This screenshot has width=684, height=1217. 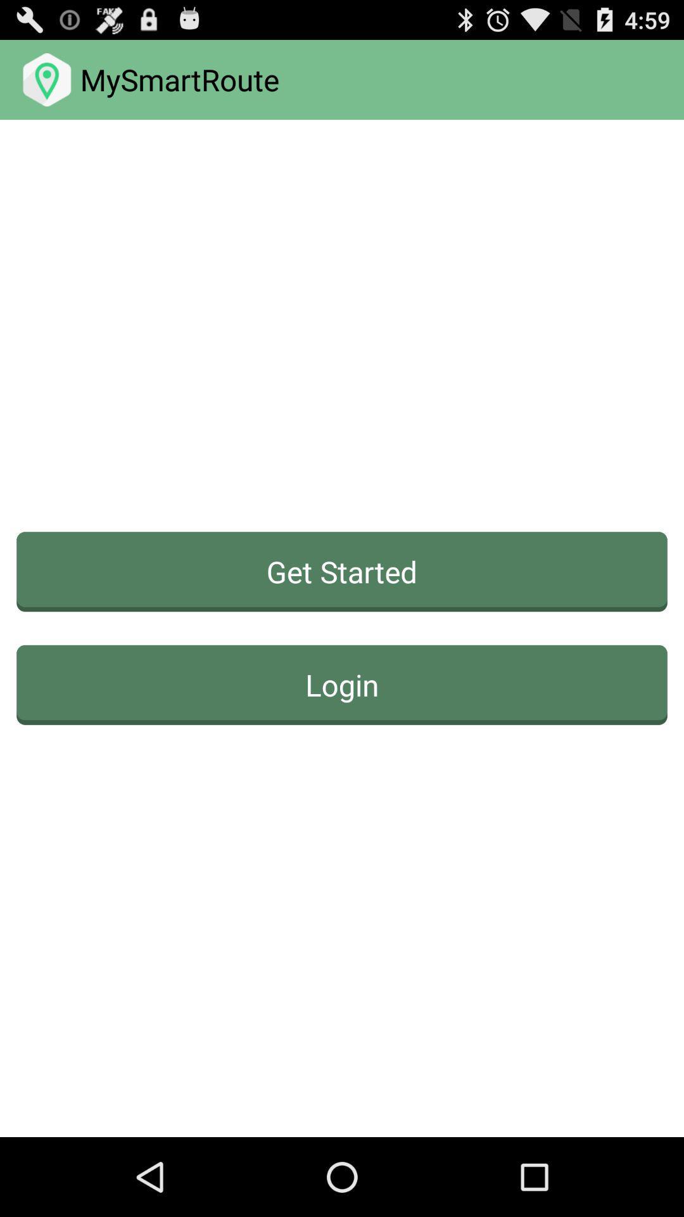 What do you see at coordinates (342, 571) in the screenshot?
I see `get started` at bounding box center [342, 571].